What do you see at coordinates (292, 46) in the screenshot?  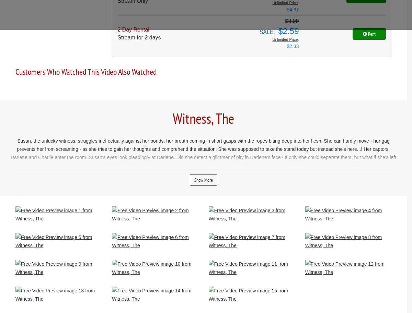 I see `'$2.33'` at bounding box center [292, 46].